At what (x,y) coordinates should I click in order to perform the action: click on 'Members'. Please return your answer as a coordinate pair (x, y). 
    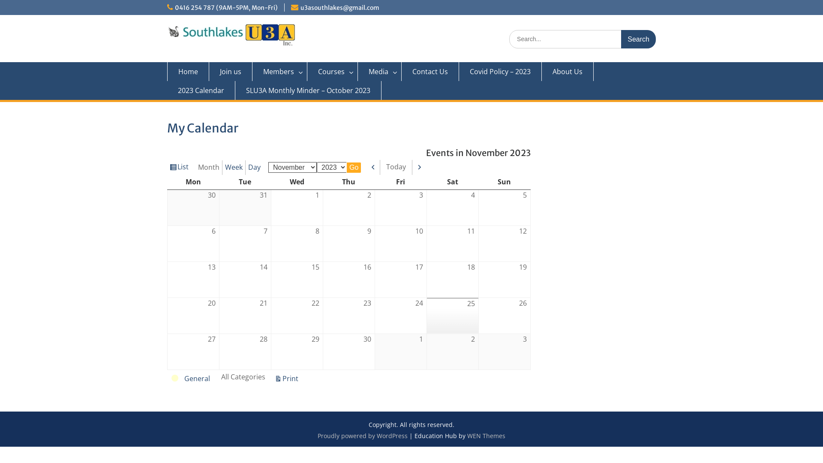
    Looking at the image, I should click on (279, 71).